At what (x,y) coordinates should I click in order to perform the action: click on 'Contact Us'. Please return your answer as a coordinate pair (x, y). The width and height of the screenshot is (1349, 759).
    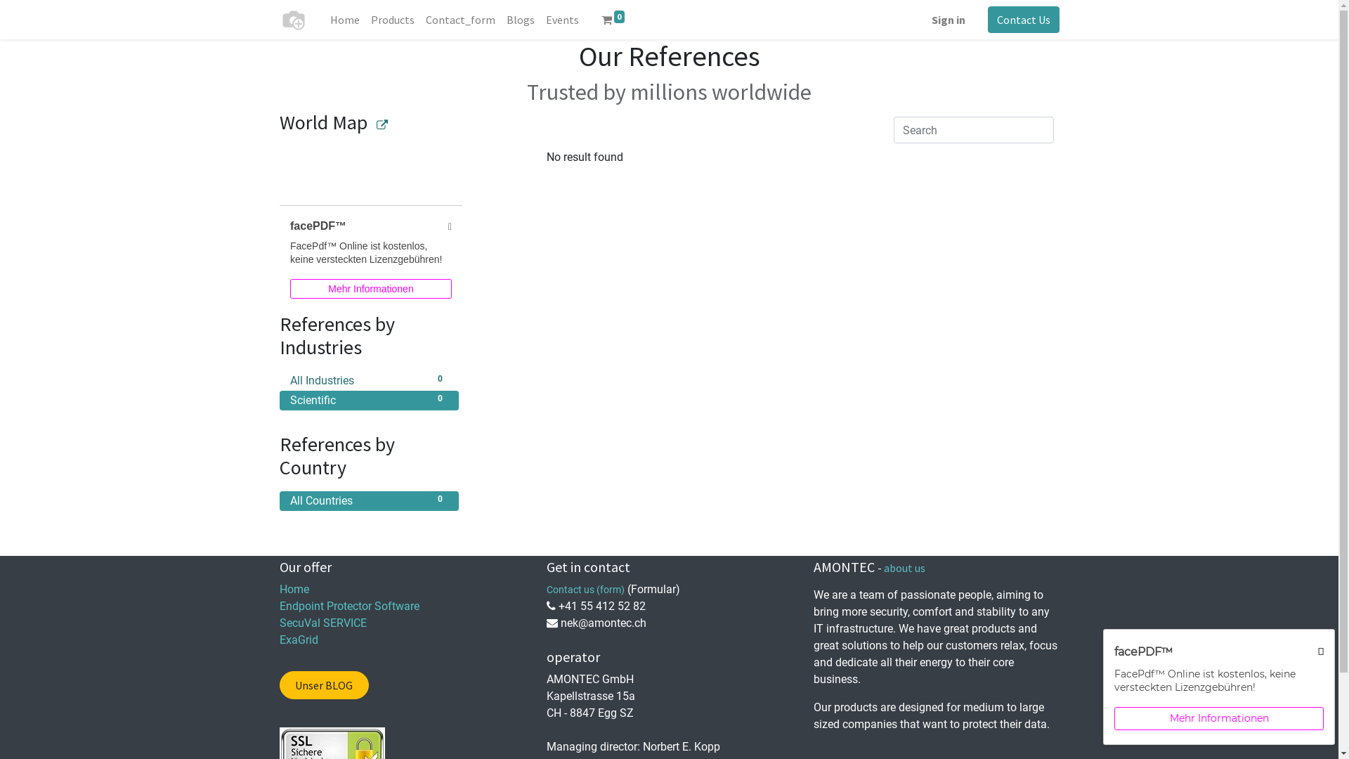
    Looking at the image, I should click on (1024, 19).